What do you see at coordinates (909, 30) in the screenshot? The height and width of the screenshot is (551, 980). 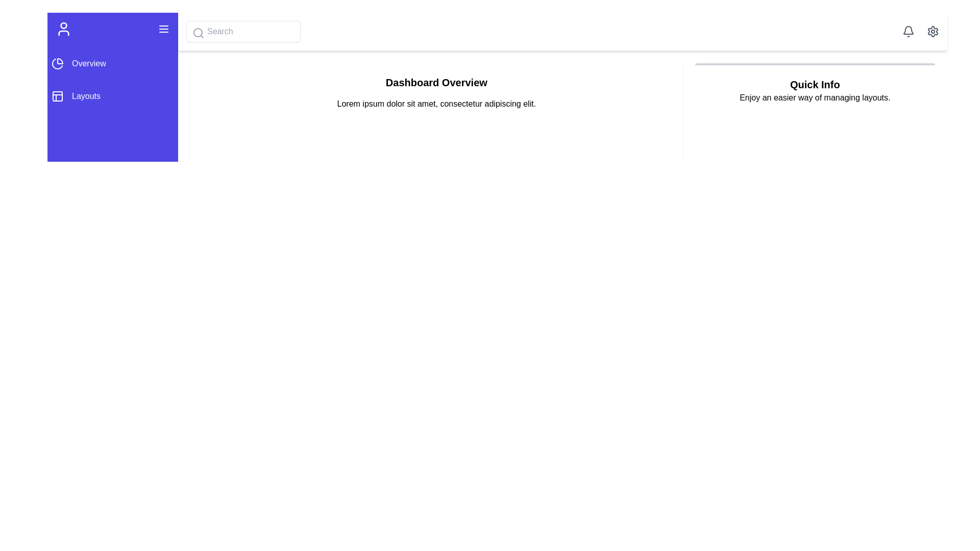 I see `the notification icon located in the top-right corner of the interface, adjacent to the gear icon` at bounding box center [909, 30].